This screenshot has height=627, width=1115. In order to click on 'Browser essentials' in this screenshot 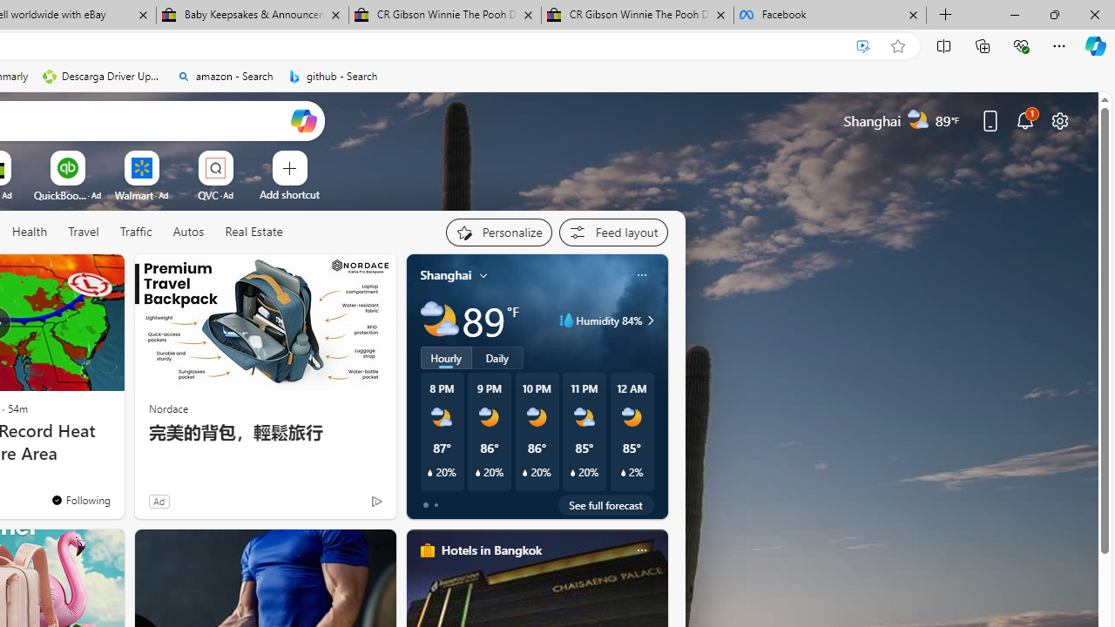, I will do `click(1020, 44)`.